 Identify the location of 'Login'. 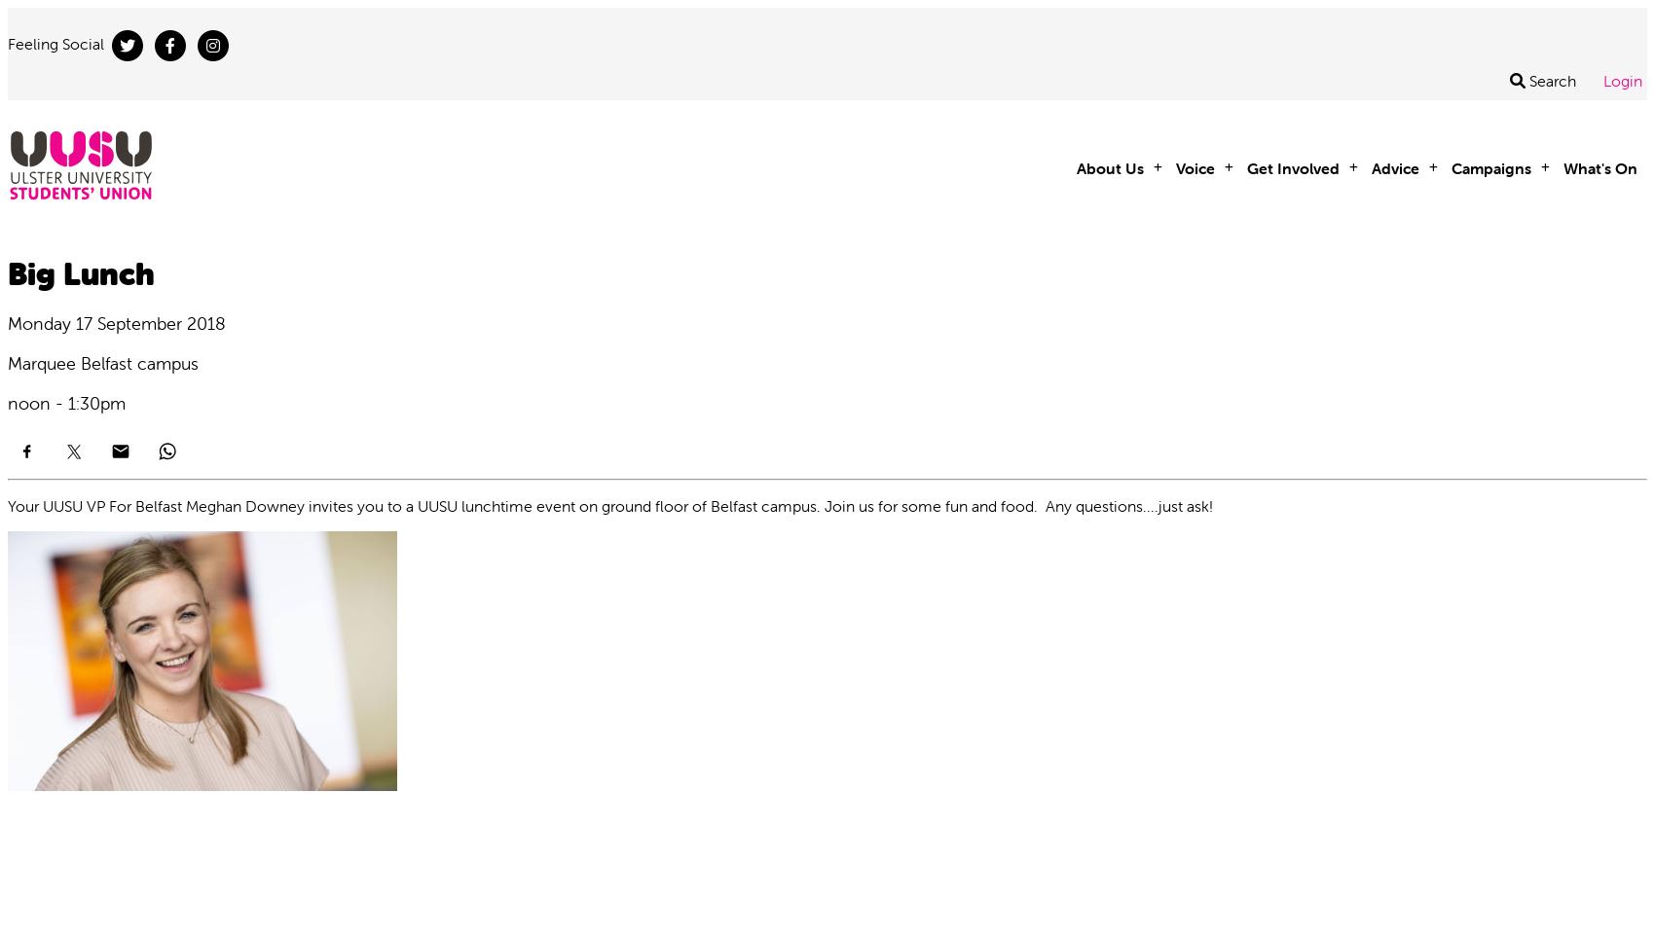
(1601, 81).